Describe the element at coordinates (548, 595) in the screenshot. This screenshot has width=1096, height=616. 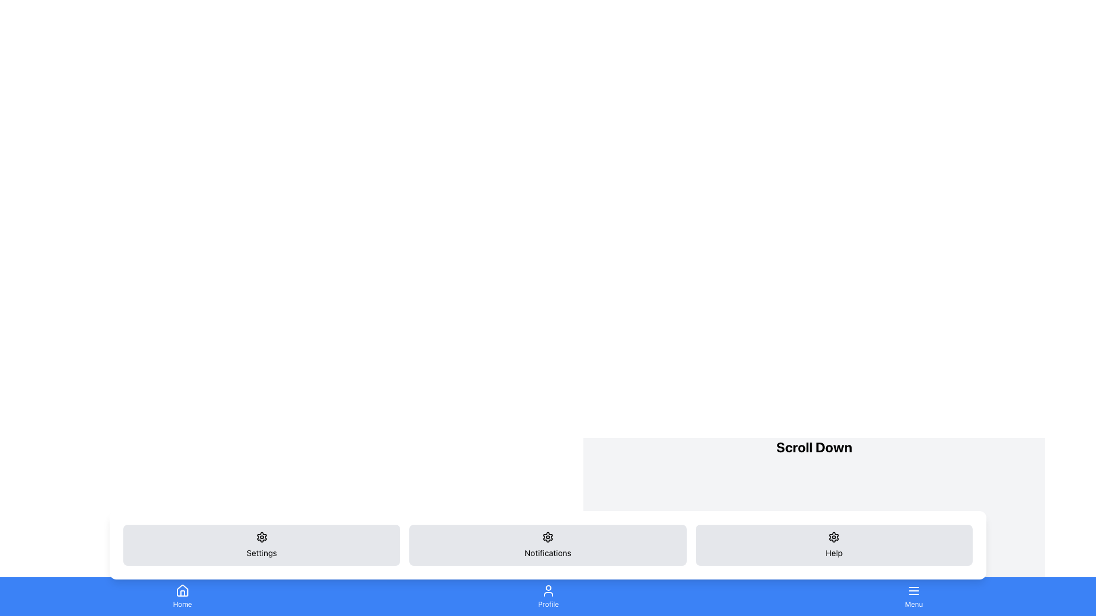
I see `the 'Profile' button located in the center of the bottom navigation bar, which includes a user icon and a white text label` at that location.